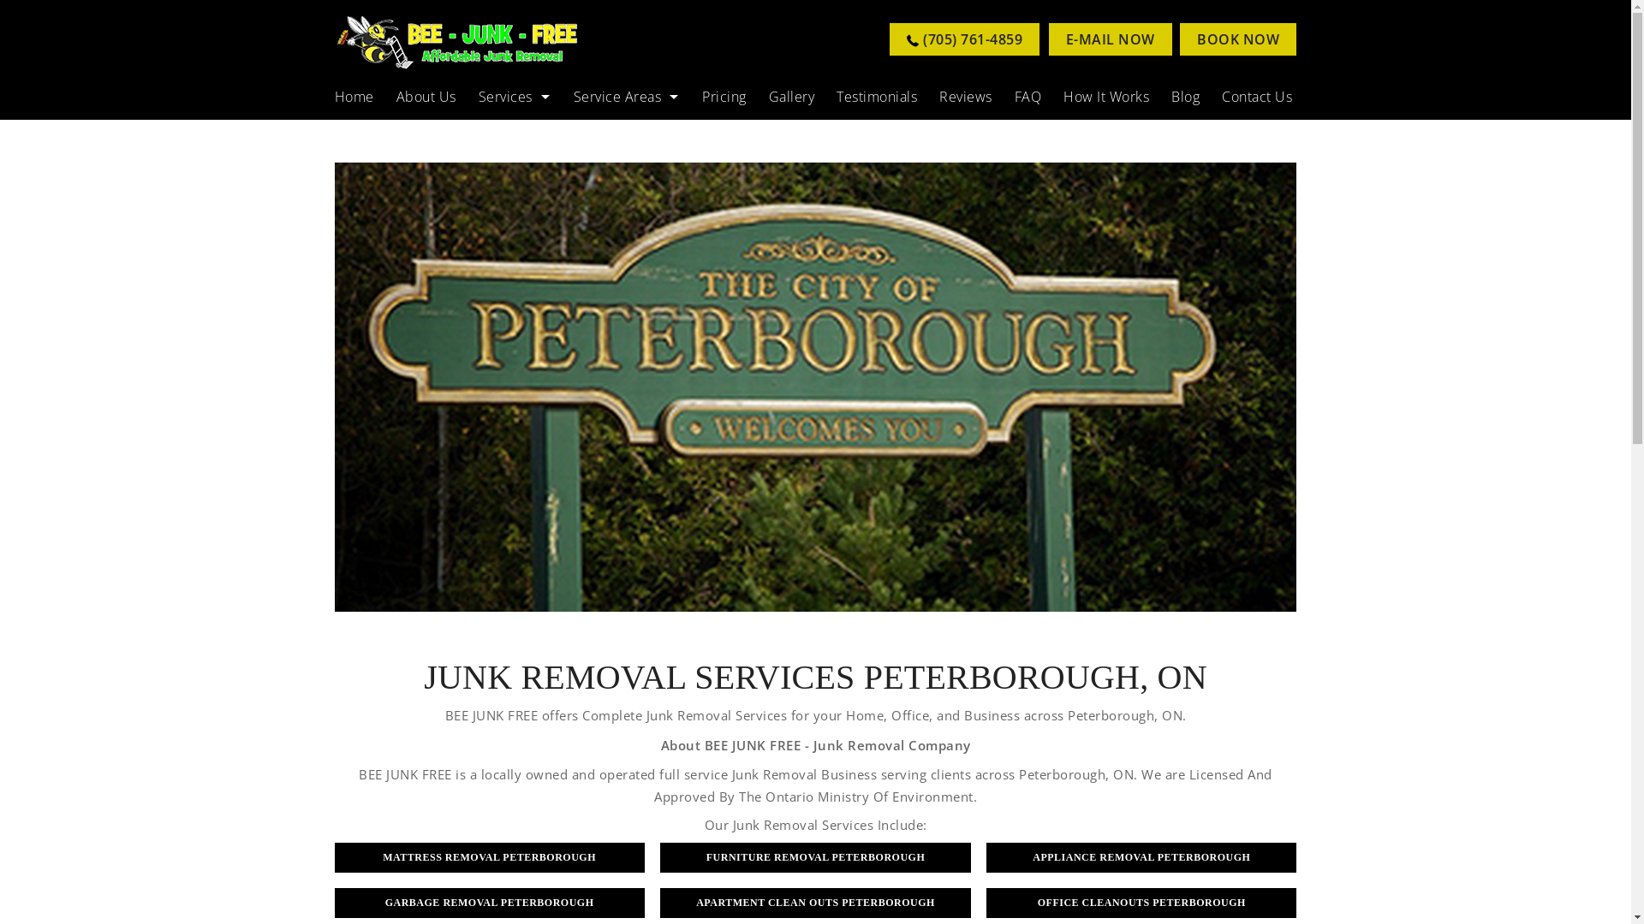 The height and width of the screenshot is (924, 1644). Describe the element at coordinates (1027, 97) in the screenshot. I see `'FAQ'` at that location.